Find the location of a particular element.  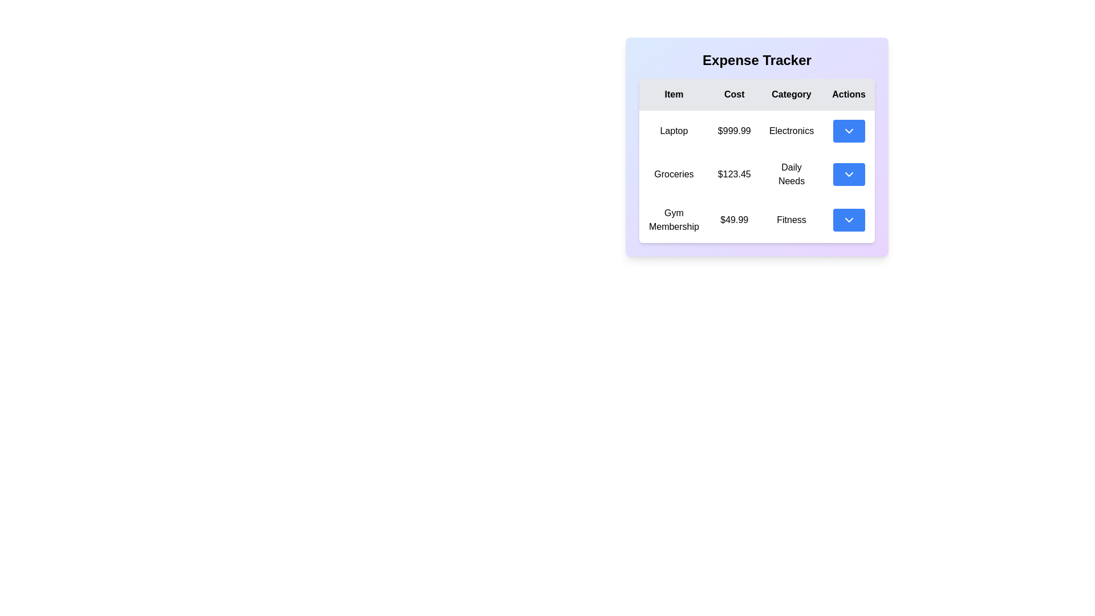

the blue rectangular button with rounded corners in the 'Actions' column of the 'Expense Tracker' table, labeled 'Groceries' is located at coordinates (849, 174).